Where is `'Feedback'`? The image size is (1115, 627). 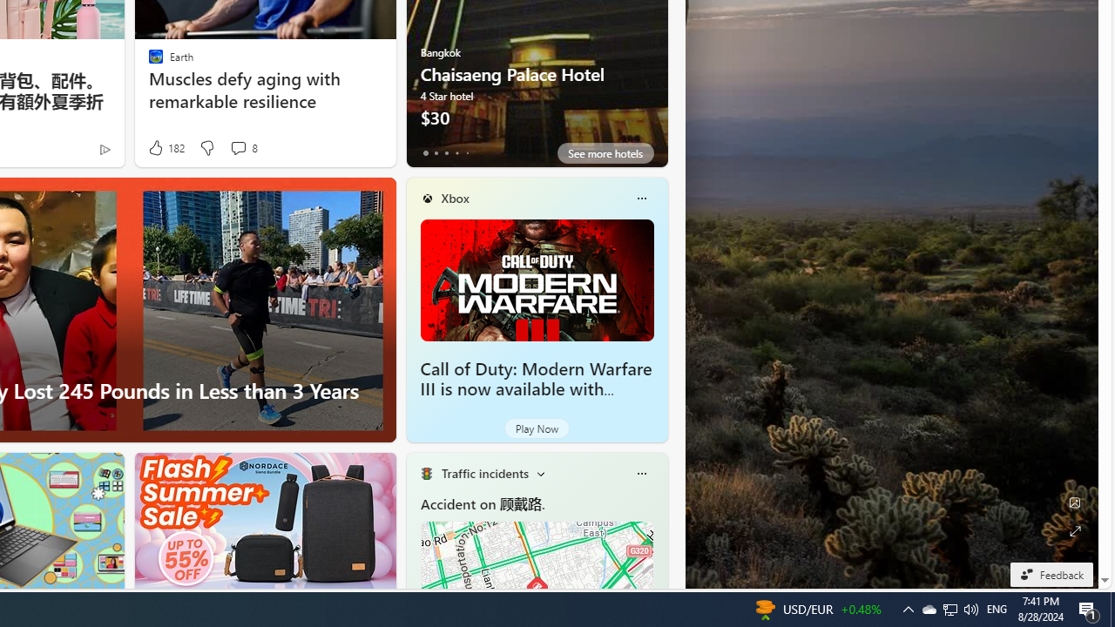
'Feedback' is located at coordinates (1050, 574).